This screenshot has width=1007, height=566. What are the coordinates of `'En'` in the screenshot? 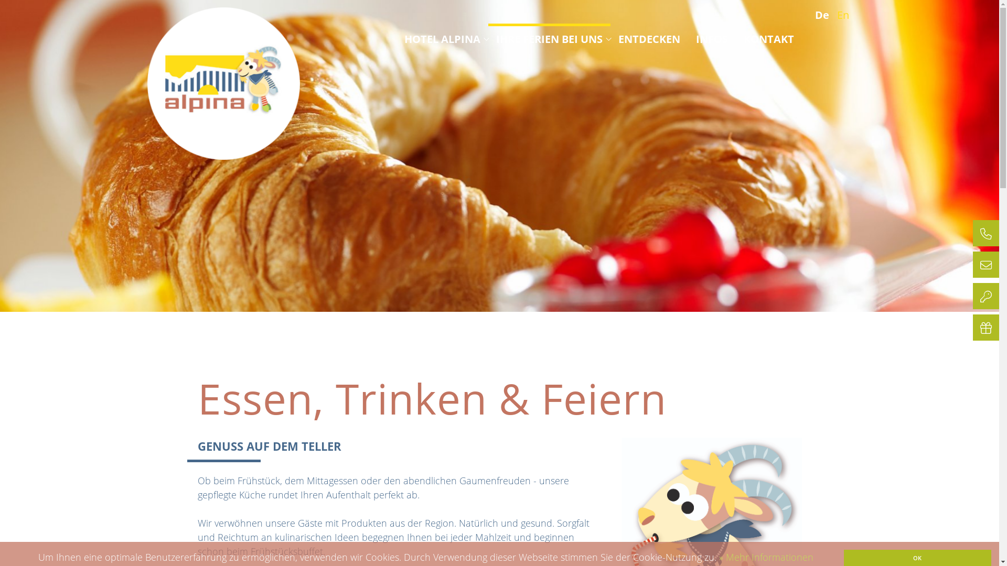 It's located at (845, 15).